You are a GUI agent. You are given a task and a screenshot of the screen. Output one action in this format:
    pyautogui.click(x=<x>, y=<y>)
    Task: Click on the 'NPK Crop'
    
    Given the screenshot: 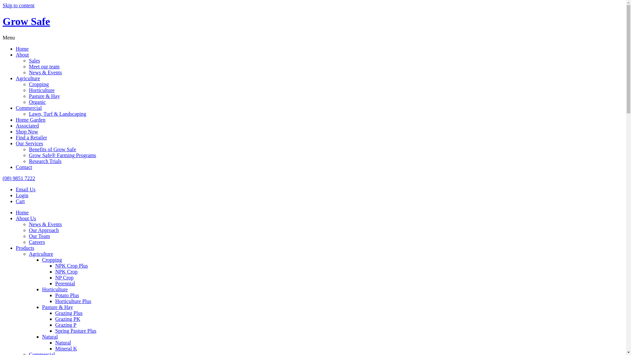 What is the action you would take?
    pyautogui.click(x=55, y=272)
    